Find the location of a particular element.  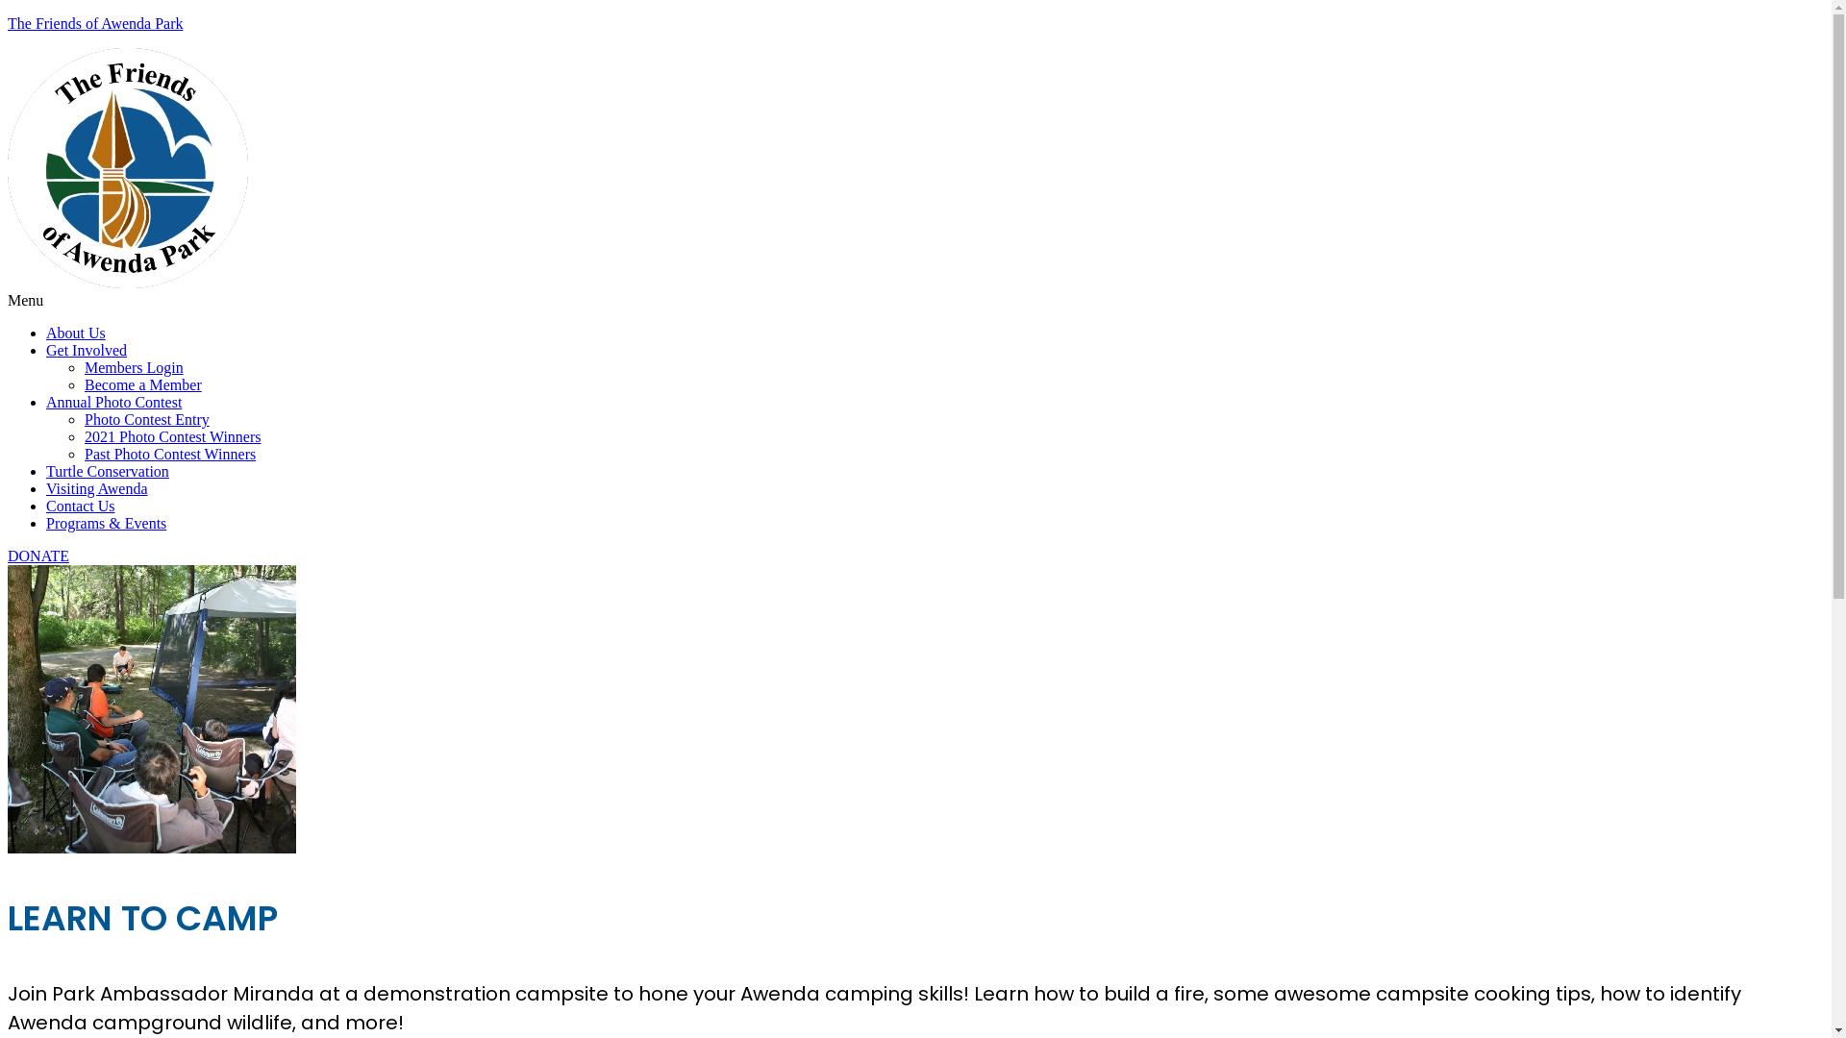

'Photo Contest Entry' is located at coordinates (146, 418).